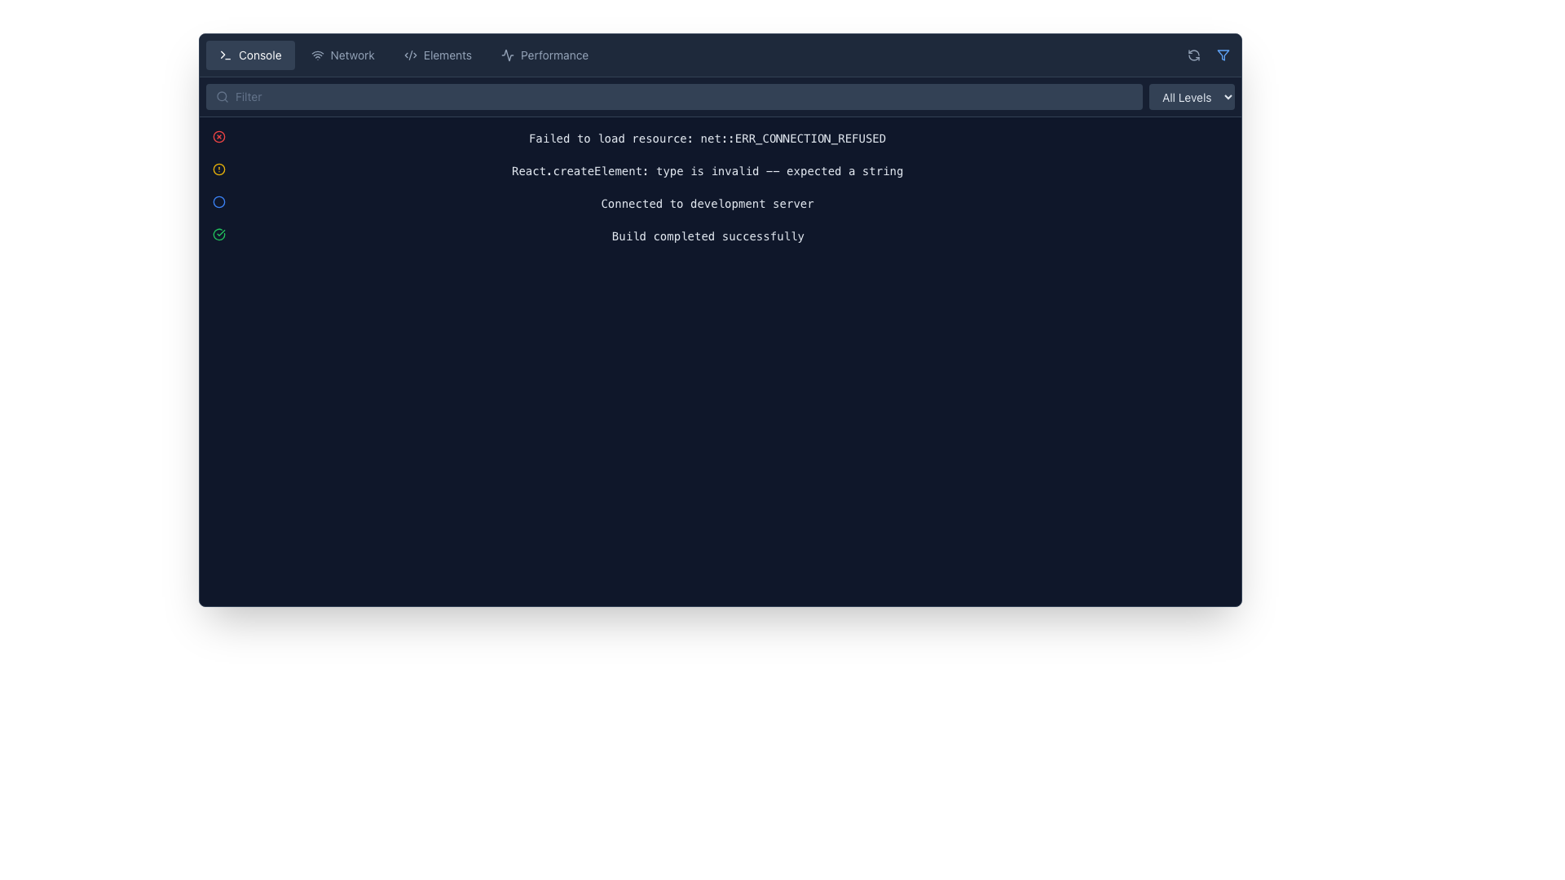 The height and width of the screenshot is (880, 1565). Describe the element at coordinates (218, 136) in the screenshot. I see `the error indicator icon located in the leftmost part of the row, adjacent to the error message` at that location.